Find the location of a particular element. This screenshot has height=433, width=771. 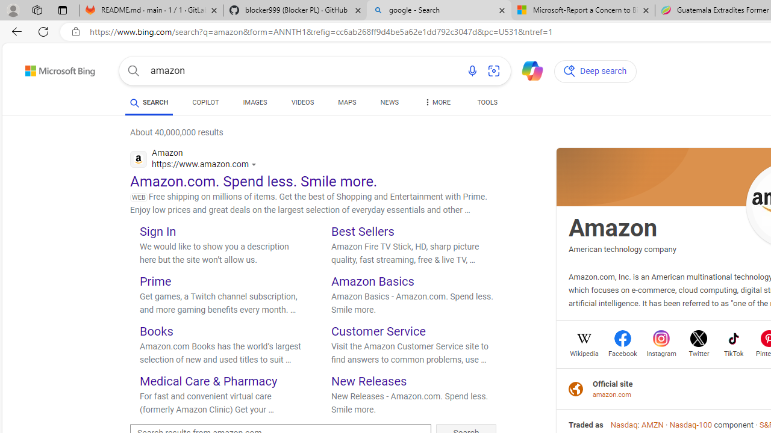

'Microsoft-Report a Concern to Bing' is located at coordinates (582, 10).